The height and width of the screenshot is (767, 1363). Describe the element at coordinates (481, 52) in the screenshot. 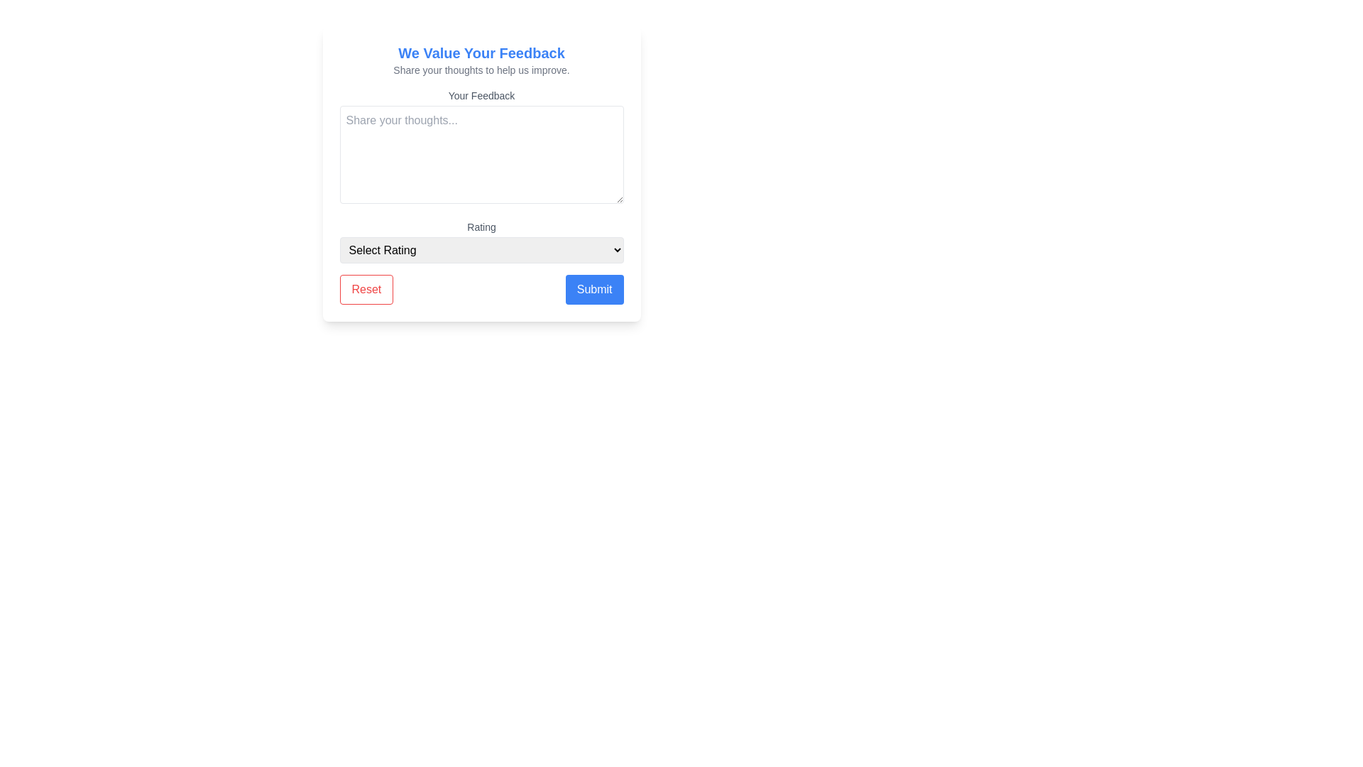

I see `title text element 'We Value Your Feedback' styled in blue color, located at the top center of the feedback form` at that location.